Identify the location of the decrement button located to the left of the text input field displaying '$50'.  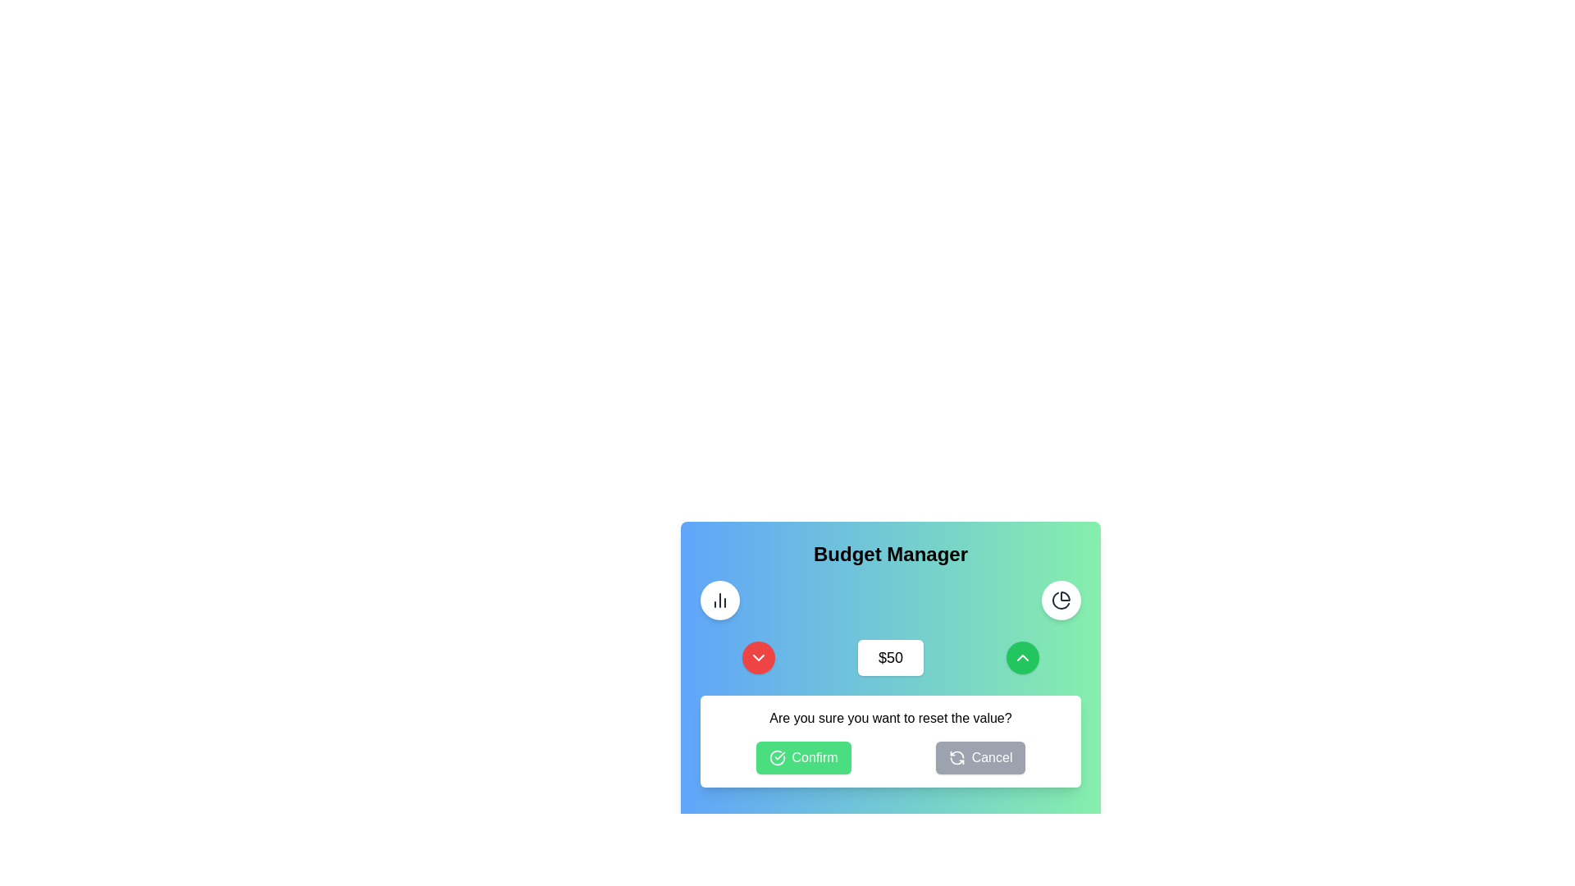
(757, 657).